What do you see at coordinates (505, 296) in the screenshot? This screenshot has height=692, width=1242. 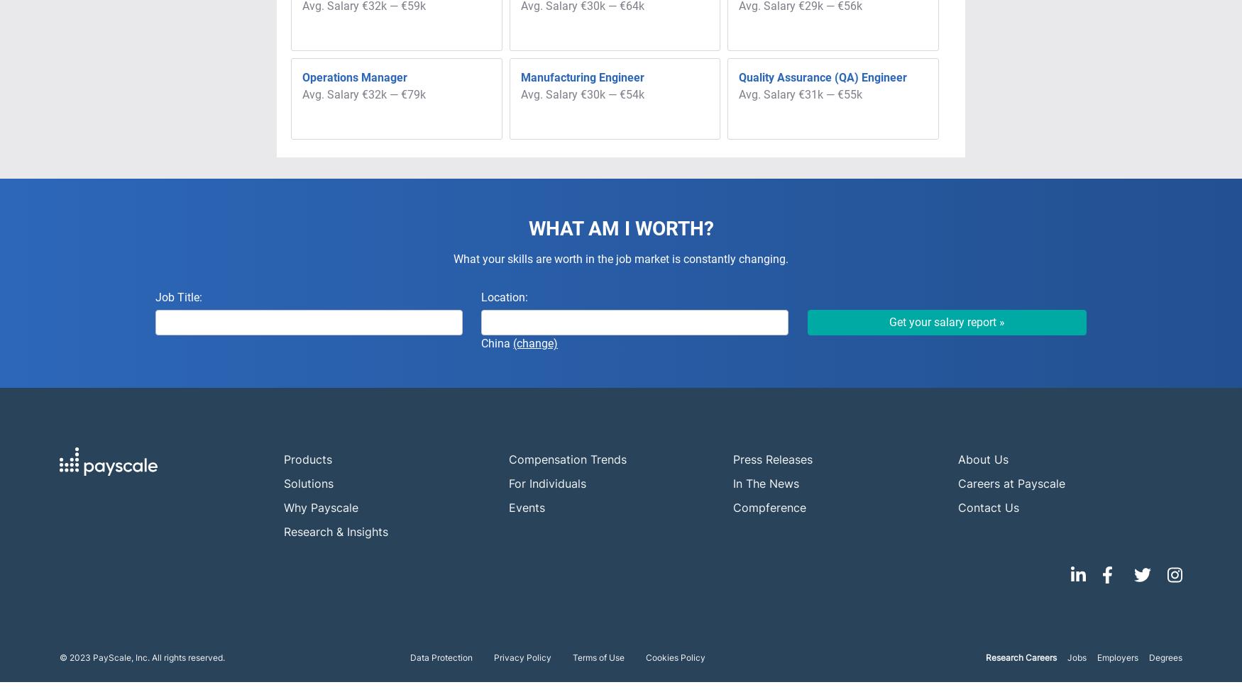 I see `'Location:'` at bounding box center [505, 296].